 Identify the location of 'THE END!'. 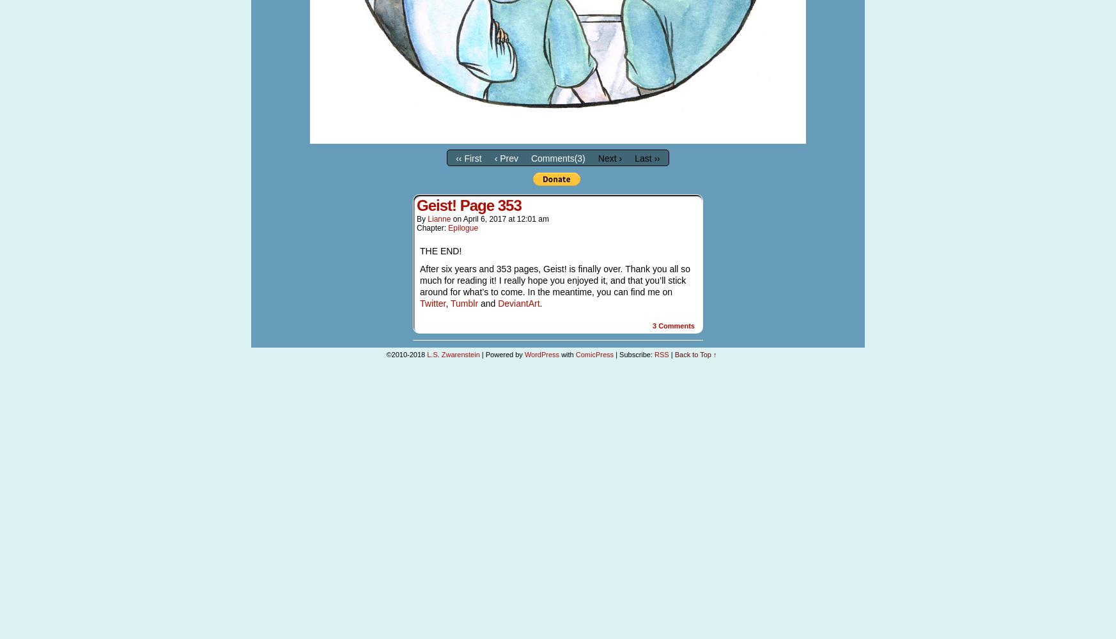
(420, 250).